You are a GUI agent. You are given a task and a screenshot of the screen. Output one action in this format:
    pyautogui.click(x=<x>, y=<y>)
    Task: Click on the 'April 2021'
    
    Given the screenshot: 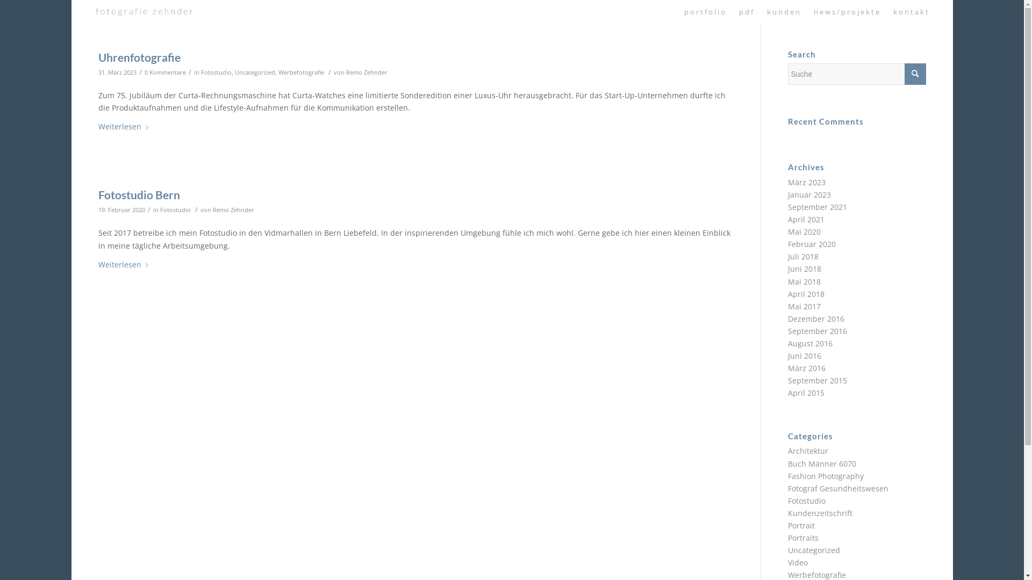 What is the action you would take?
    pyautogui.click(x=806, y=219)
    